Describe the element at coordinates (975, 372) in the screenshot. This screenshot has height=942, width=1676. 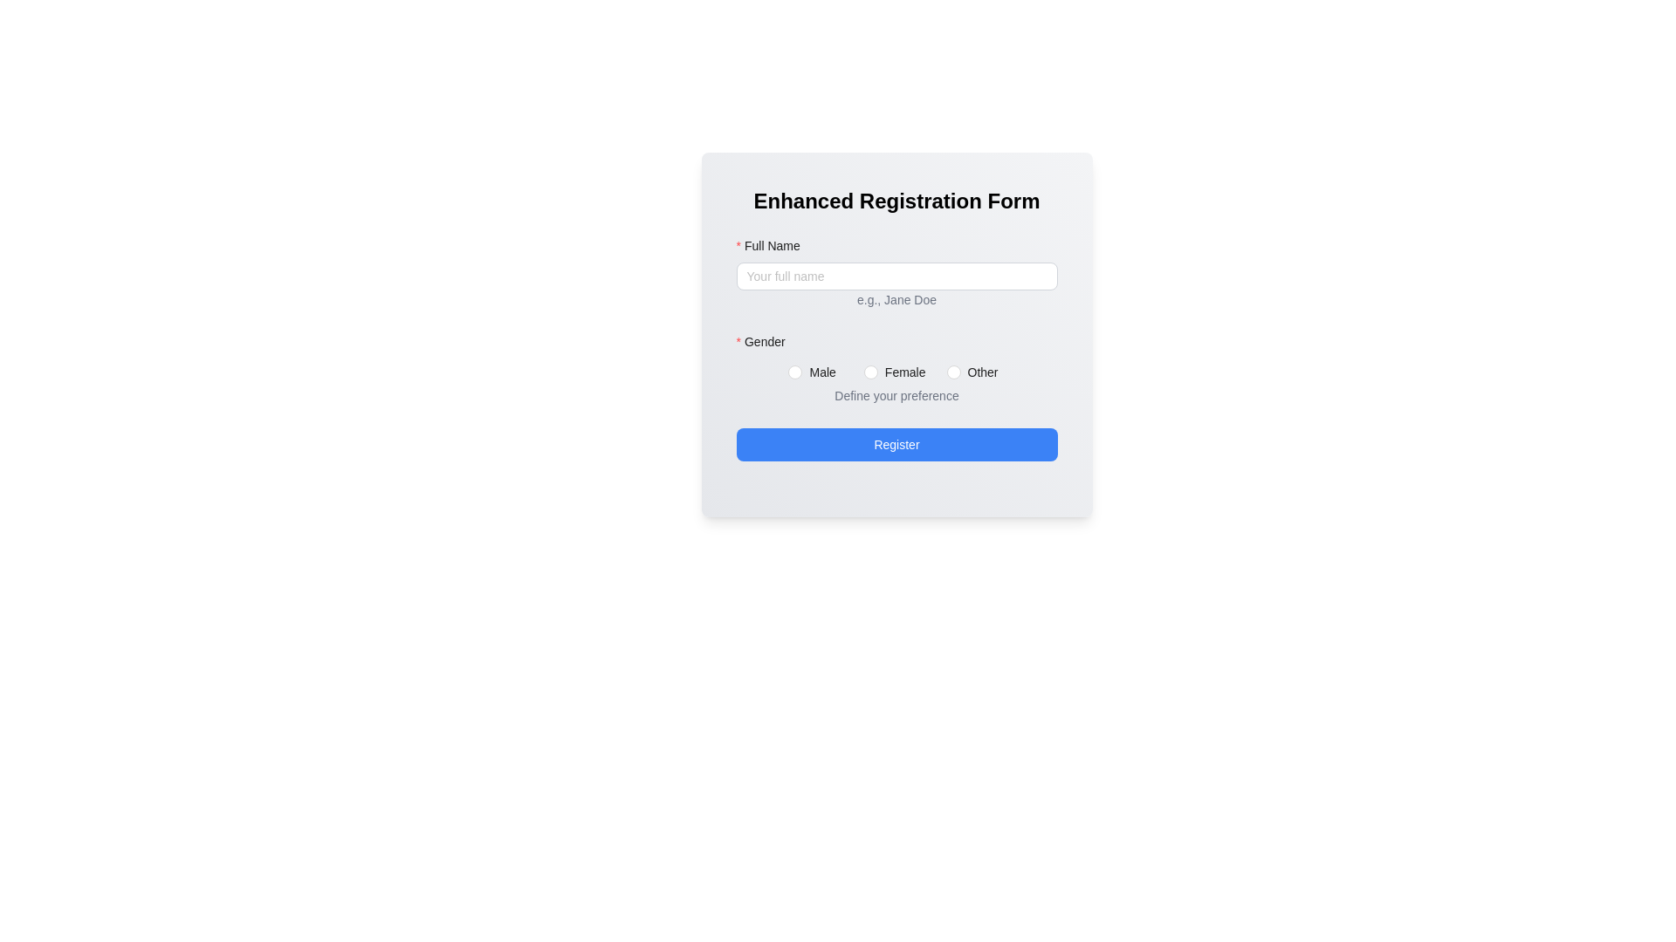
I see `the 'Other' radio button, which is the third radio button in a horizontal group labeled 'Male', 'Female', and 'Other', located under the 'Gender' label` at that location.